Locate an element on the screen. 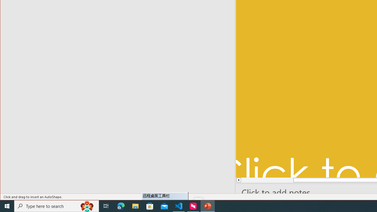  'Microsoft Edge' is located at coordinates (121, 206).